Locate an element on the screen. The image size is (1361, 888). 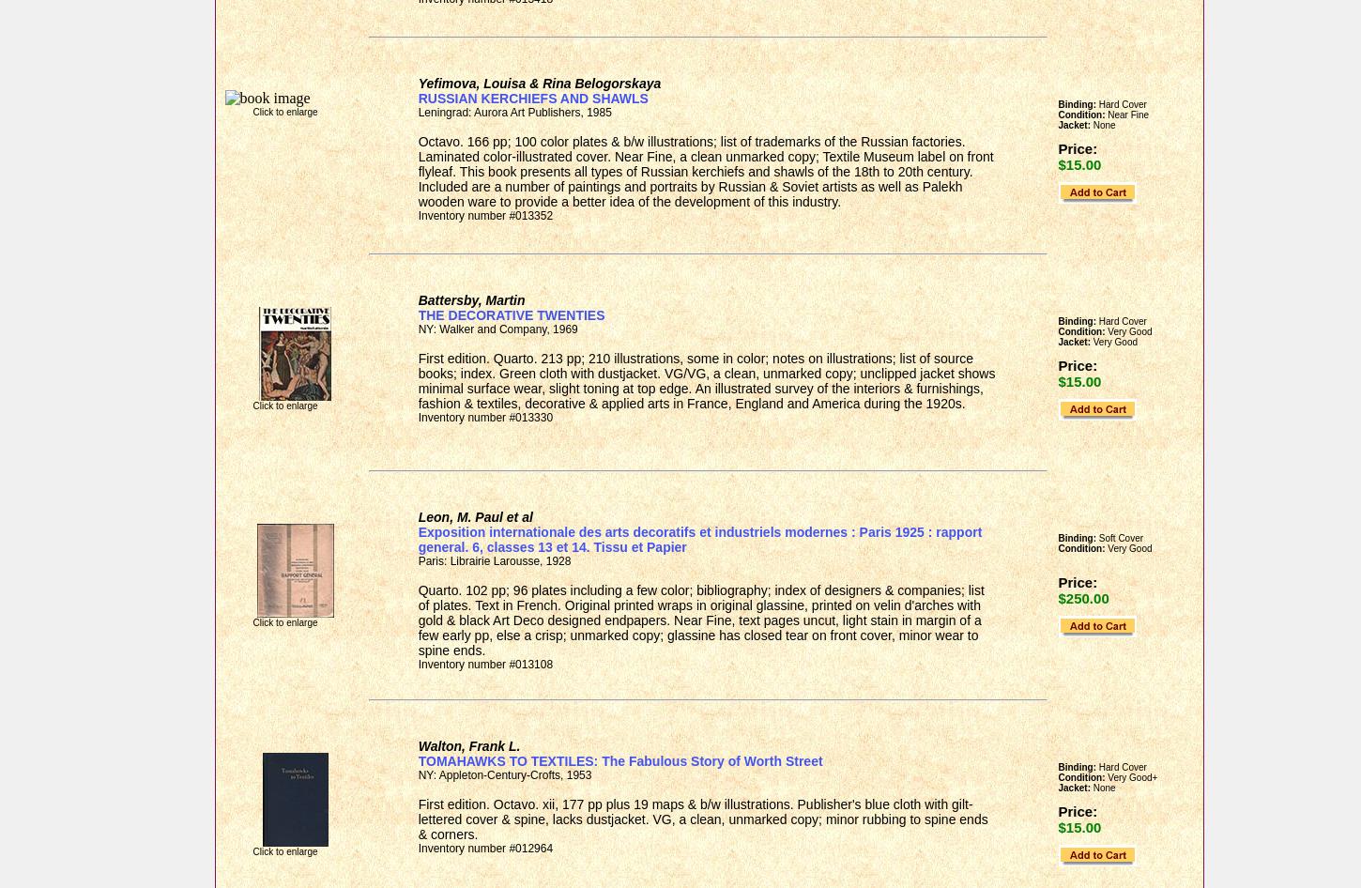
'Paris: Librairie Larousse, 1928' is located at coordinates (417, 559).